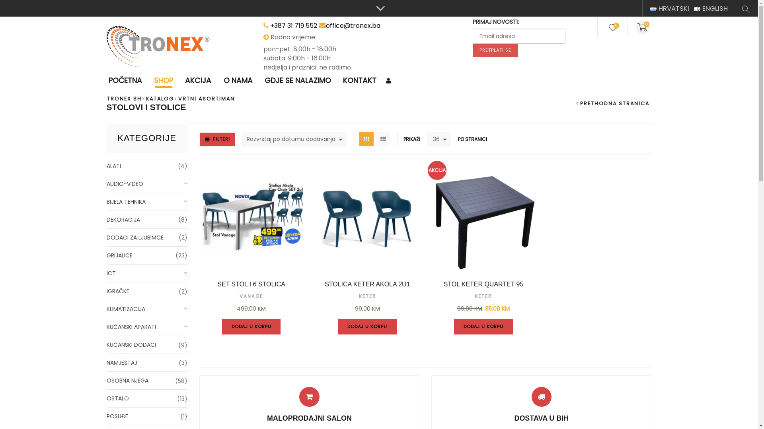 The width and height of the screenshot is (764, 429). I want to click on 'ACCOUNT', so click(390, 81).